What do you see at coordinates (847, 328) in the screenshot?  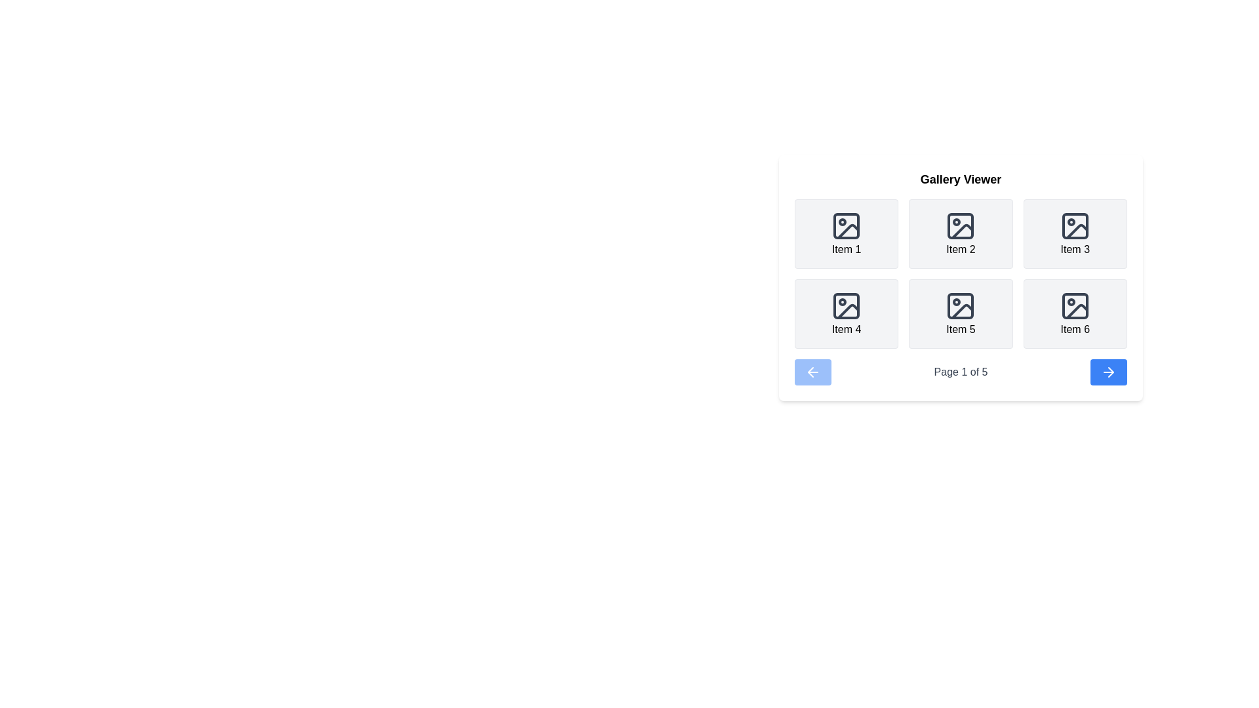 I see `label displaying 'Item 4', which is located at the bottom of the second row in a grid layout of a gallery viewer interface` at bounding box center [847, 328].